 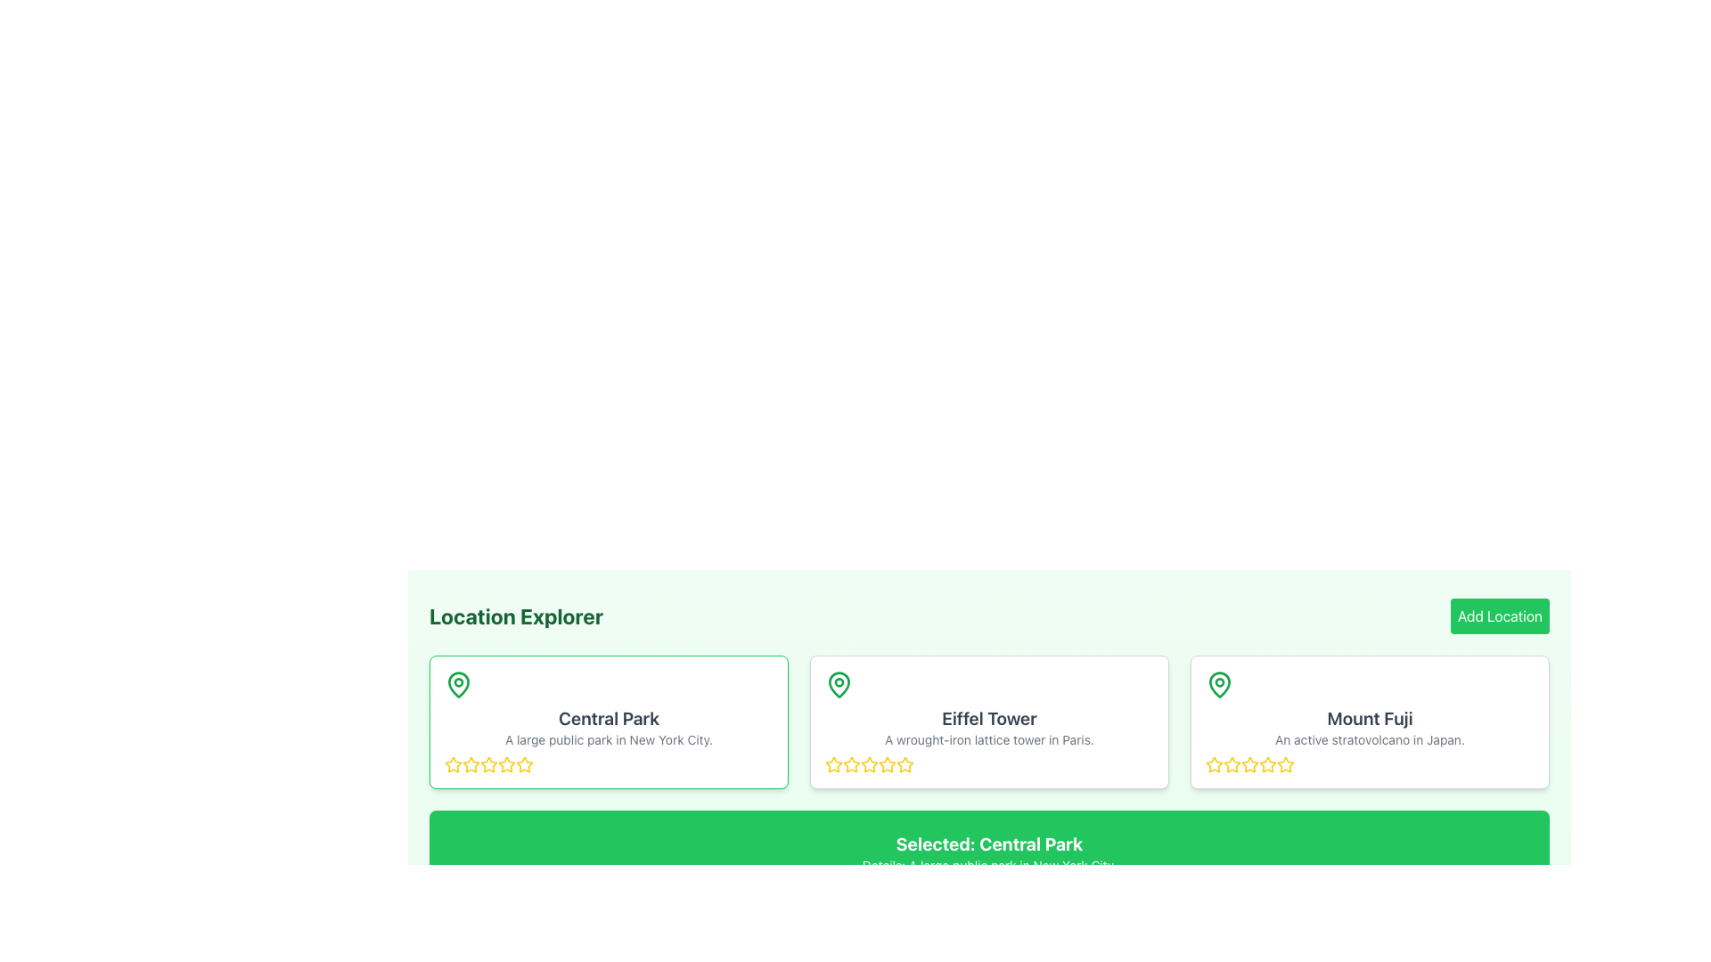 I want to click on the first yellow star in the rating system for the Eiffel Tower card to provide a rating, so click(x=832, y=762).